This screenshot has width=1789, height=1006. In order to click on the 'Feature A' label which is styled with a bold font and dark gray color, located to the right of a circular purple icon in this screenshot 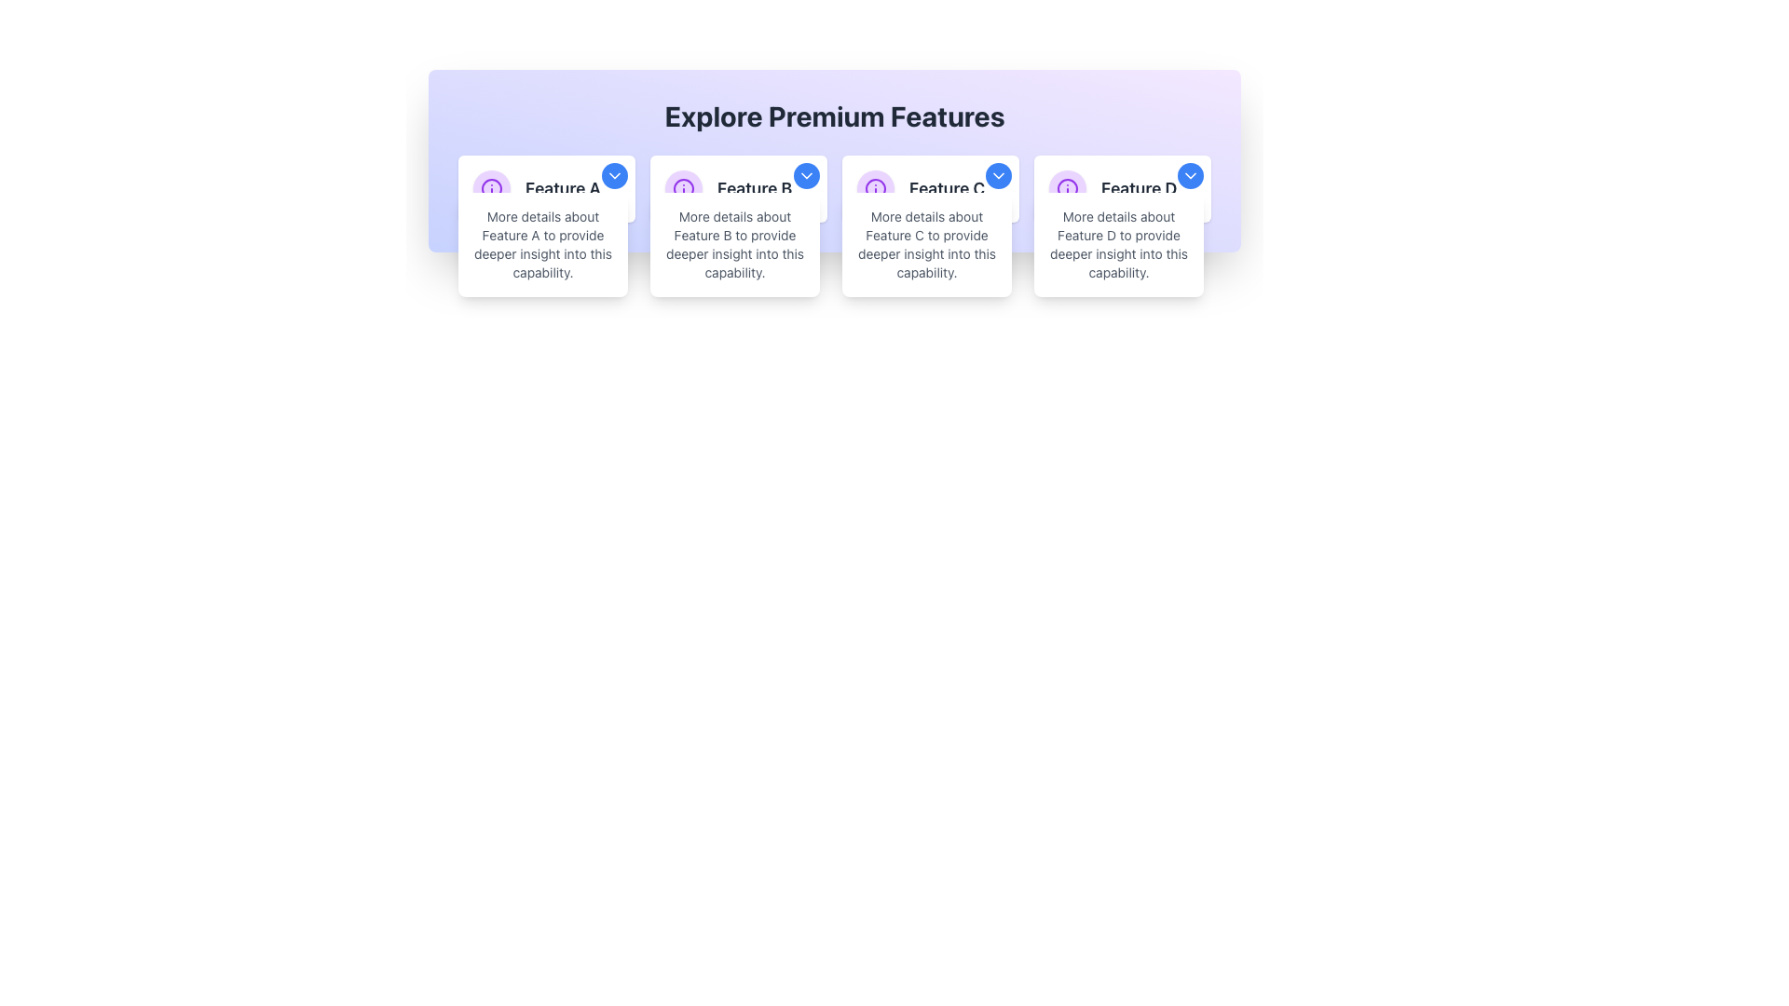, I will do `click(562, 189)`.